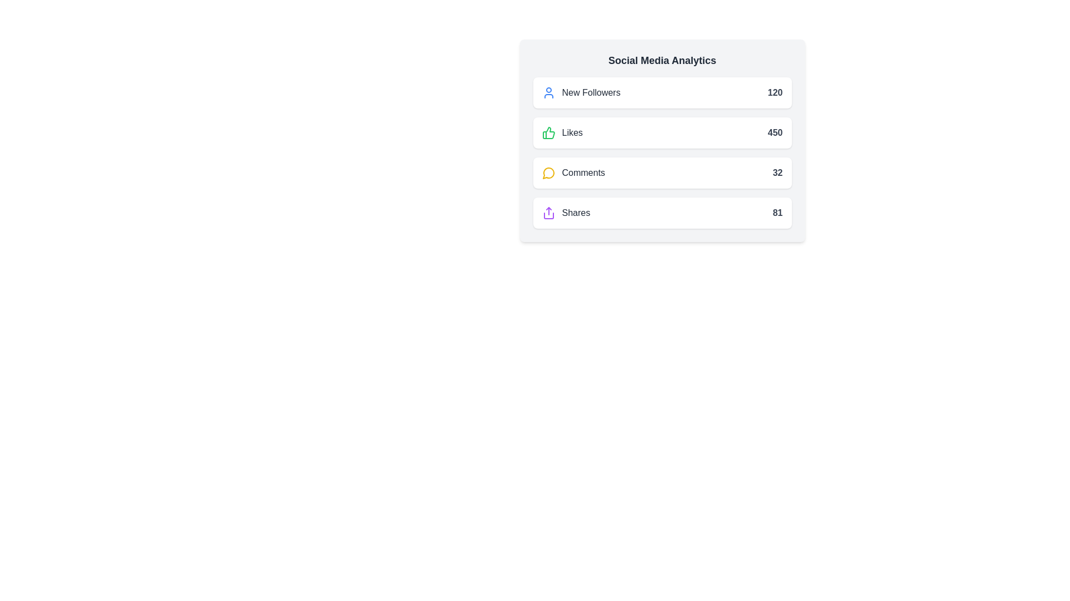 This screenshot has width=1070, height=601. Describe the element at coordinates (548, 92) in the screenshot. I see `the user icon, which is a minimalistic outline of a person in bright blue, located to the left of the 'New Followers' text in the 'Social Media Analytics' section` at that location.